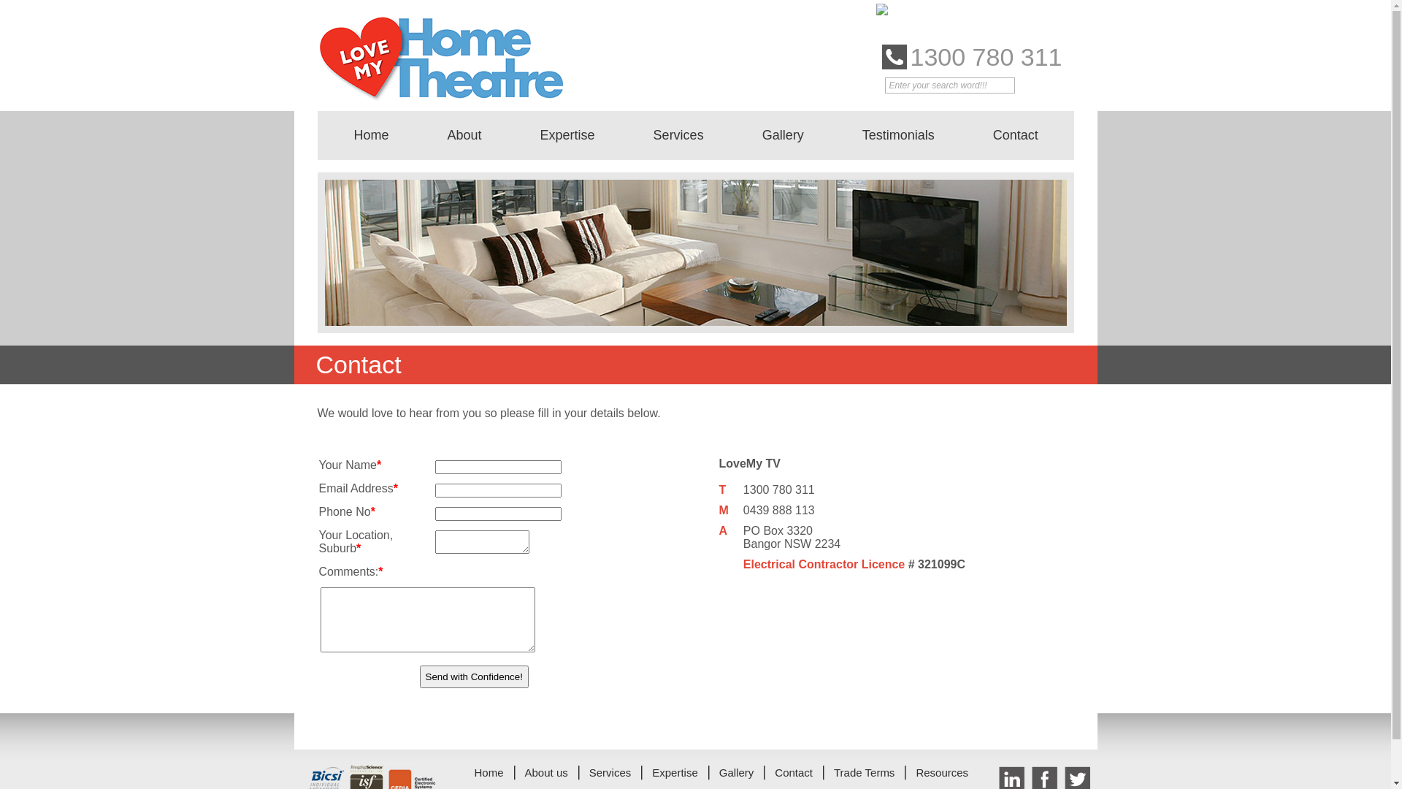 The image size is (1402, 789). Describe the element at coordinates (473, 676) in the screenshot. I see `'Send with Confidence!'` at that location.